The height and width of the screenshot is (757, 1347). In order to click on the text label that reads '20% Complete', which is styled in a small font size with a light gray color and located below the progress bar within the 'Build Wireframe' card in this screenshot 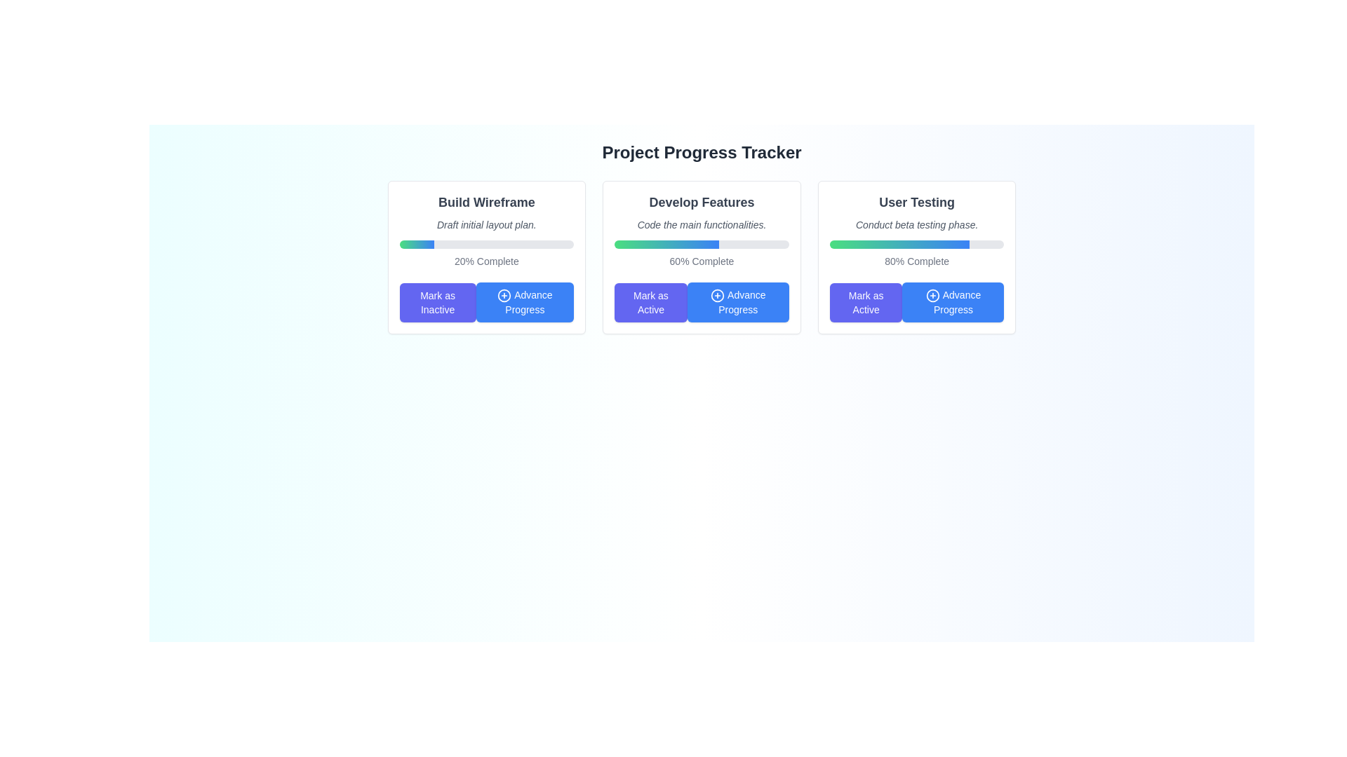, I will do `click(486, 261)`.